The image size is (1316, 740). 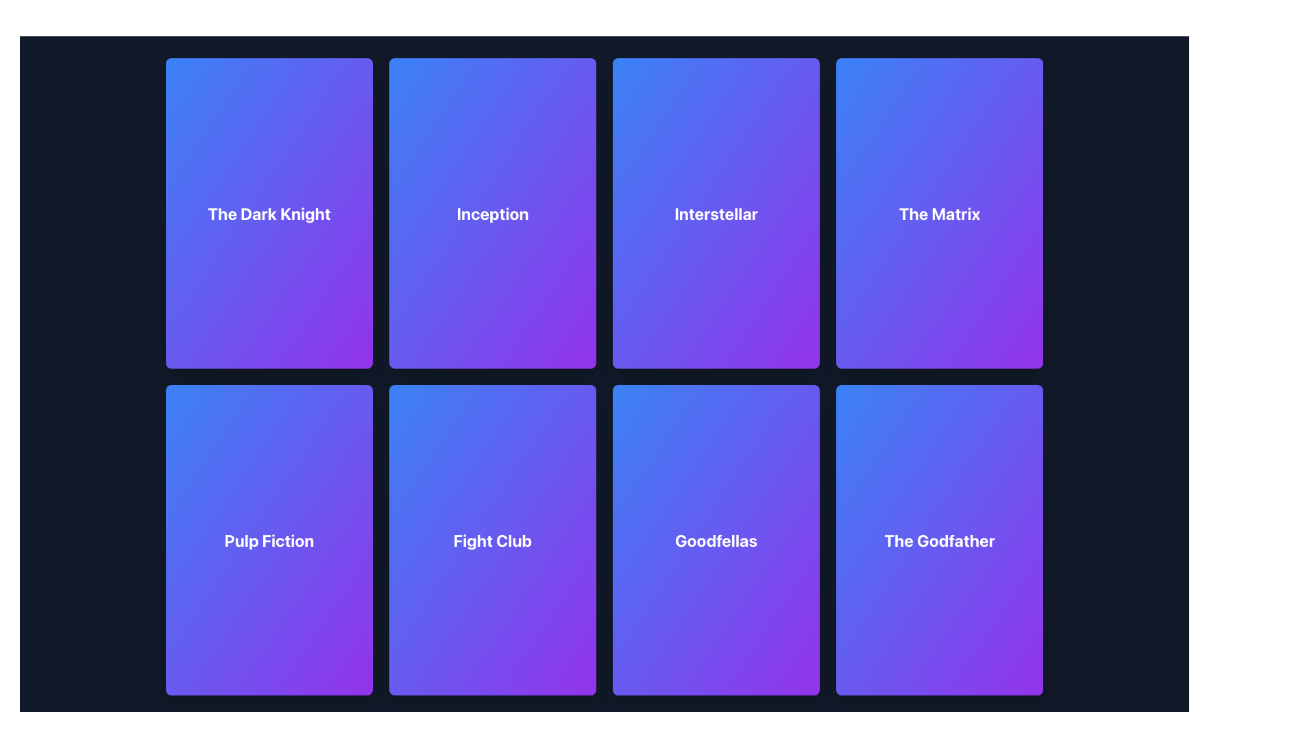 What do you see at coordinates (269, 539) in the screenshot?
I see `the text label displaying the title 'Pulp Fiction' which is in a bold white font, centered horizontally within a purple-blue gradient background` at bounding box center [269, 539].